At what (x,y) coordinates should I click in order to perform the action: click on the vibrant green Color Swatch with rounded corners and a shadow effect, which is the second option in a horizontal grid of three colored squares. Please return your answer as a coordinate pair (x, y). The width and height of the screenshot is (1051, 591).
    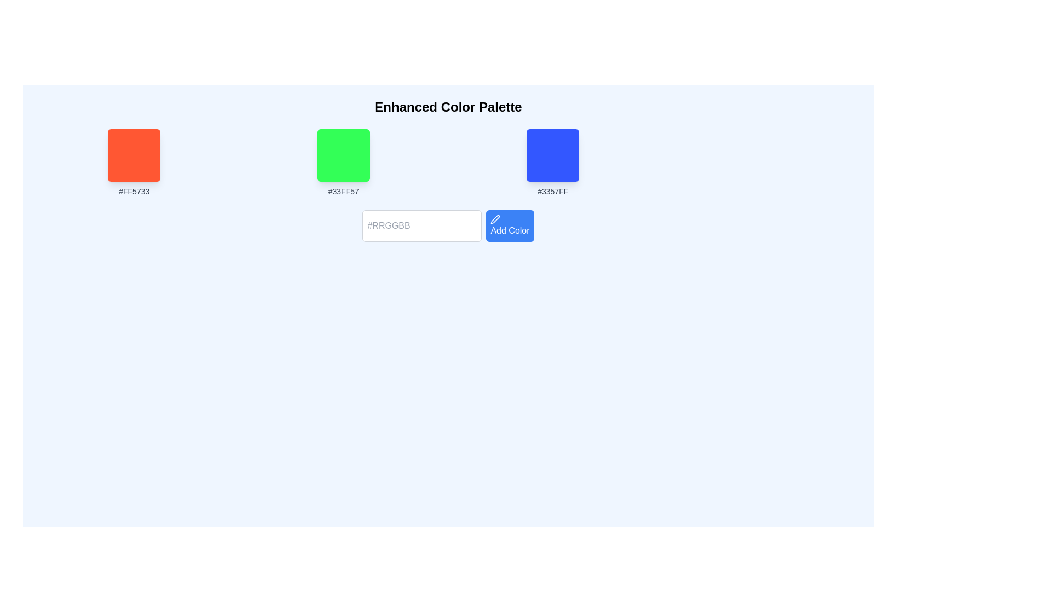
    Looking at the image, I should click on (343, 163).